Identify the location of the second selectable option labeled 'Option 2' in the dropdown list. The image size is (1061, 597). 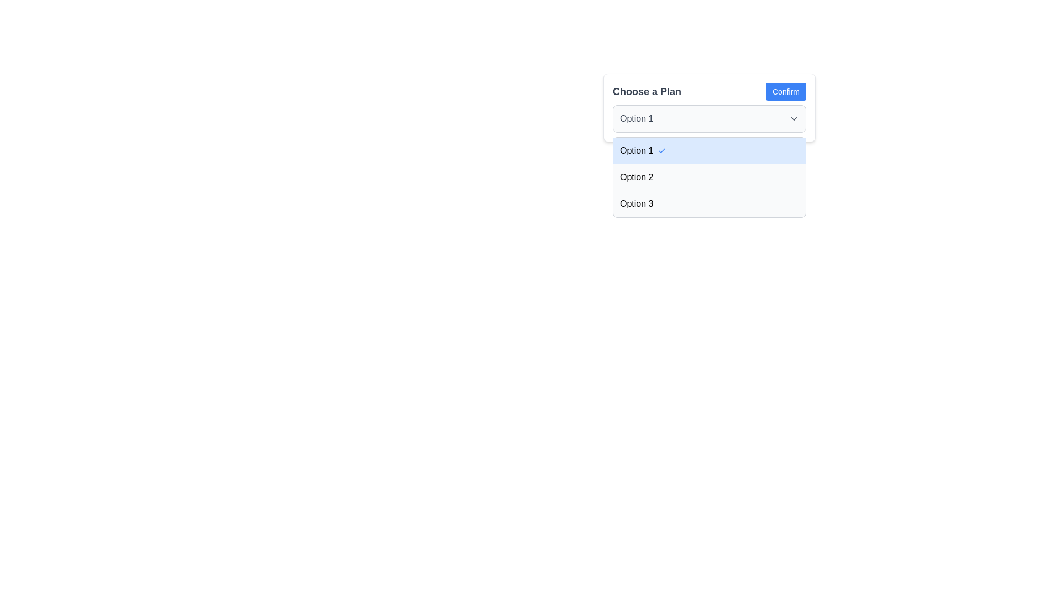
(637, 176).